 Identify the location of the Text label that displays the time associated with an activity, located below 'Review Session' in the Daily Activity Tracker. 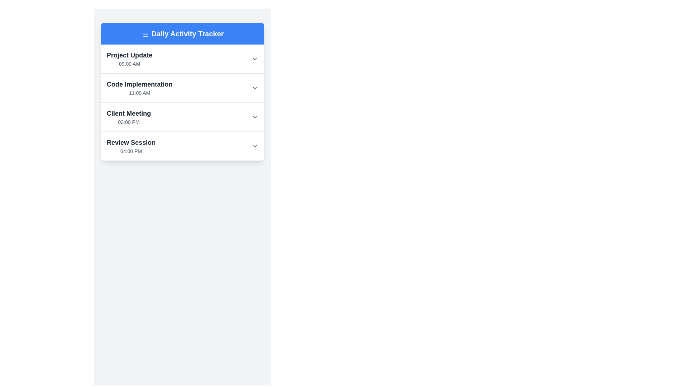
(131, 151).